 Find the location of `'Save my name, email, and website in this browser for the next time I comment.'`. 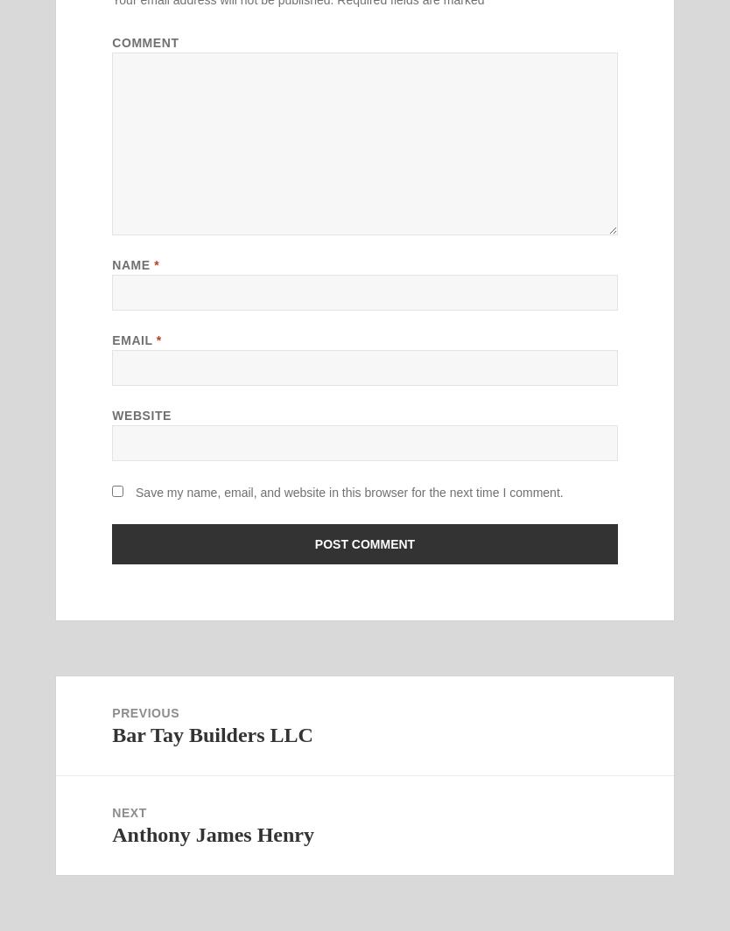

'Save my name, email, and website in this browser for the next time I comment.' is located at coordinates (347, 492).